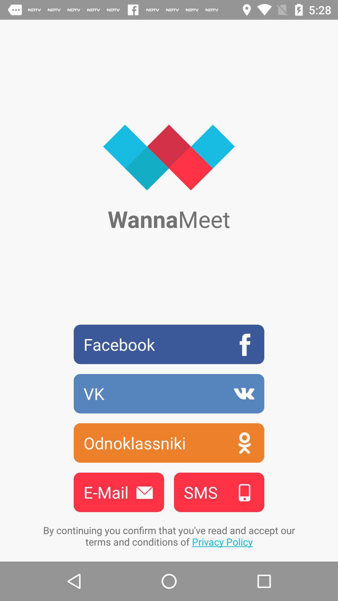 The image size is (338, 601). Describe the element at coordinates (169, 536) in the screenshot. I see `by continuing you icon` at that location.